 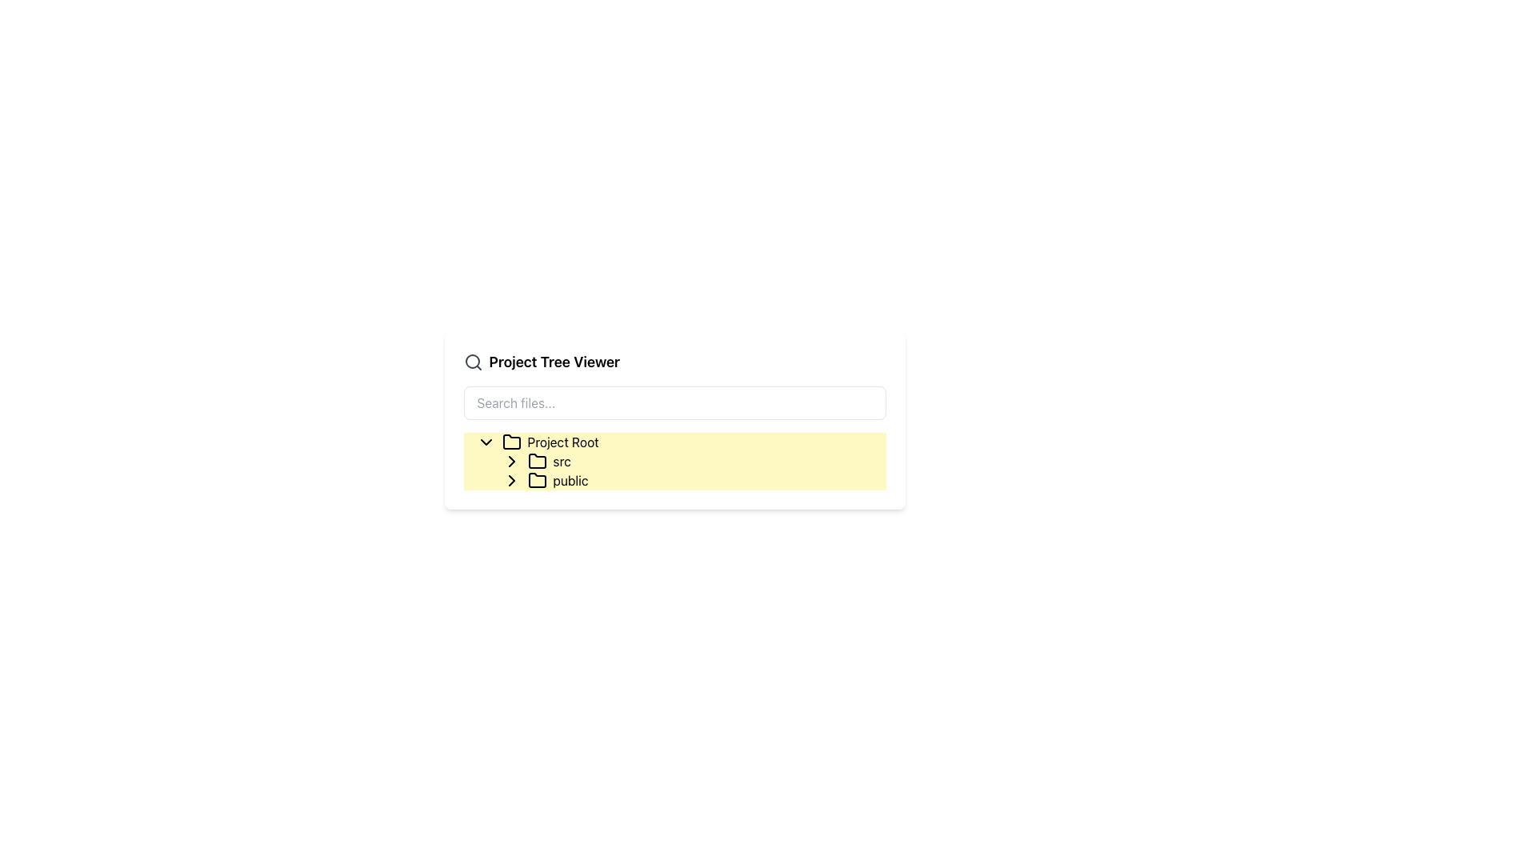 I want to click on the downward-pointing chevron toggle icon located to the left of the 'Project Root' text label, so click(x=485, y=442).